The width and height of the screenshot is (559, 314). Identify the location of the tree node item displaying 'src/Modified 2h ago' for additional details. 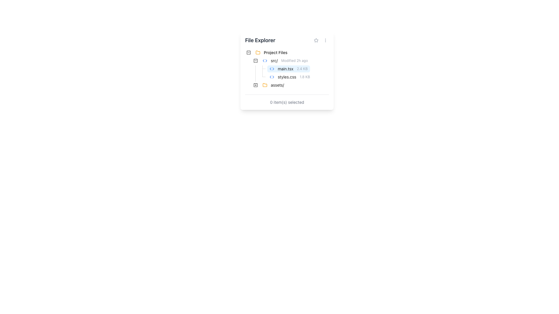
(285, 60).